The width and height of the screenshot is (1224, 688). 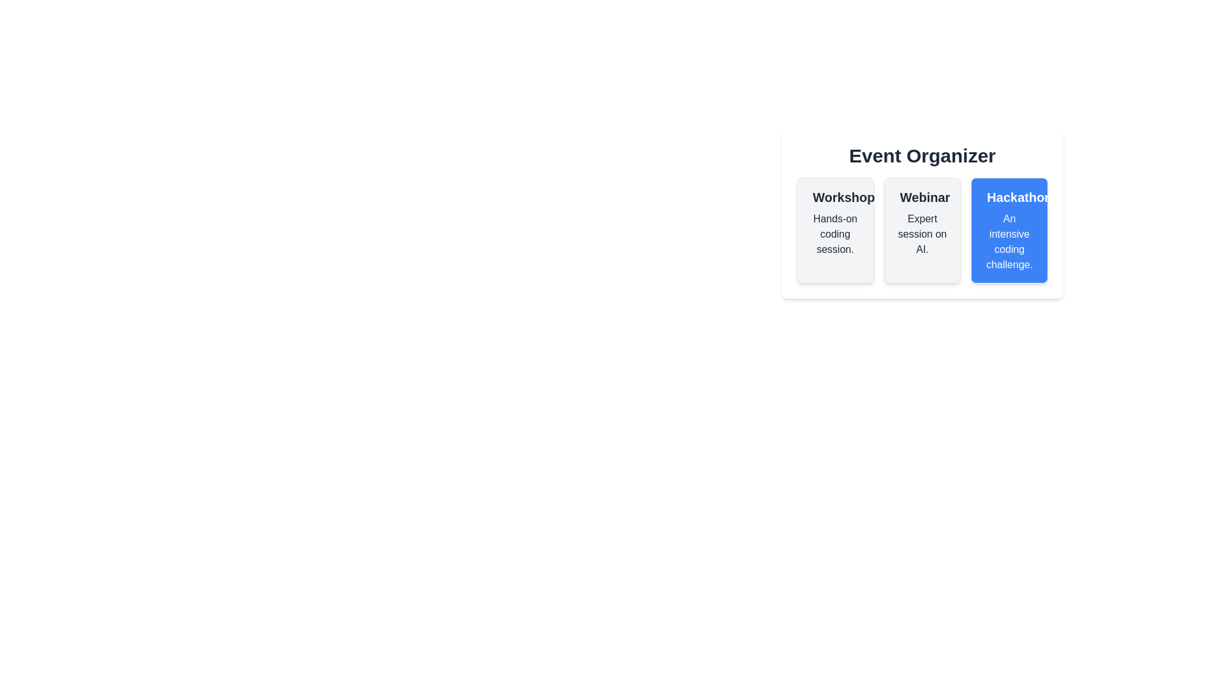 What do you see at coordinates (922, 231) in the screenshot?
I see `the event card 'Webinar'` at bounding box center [922, 231].